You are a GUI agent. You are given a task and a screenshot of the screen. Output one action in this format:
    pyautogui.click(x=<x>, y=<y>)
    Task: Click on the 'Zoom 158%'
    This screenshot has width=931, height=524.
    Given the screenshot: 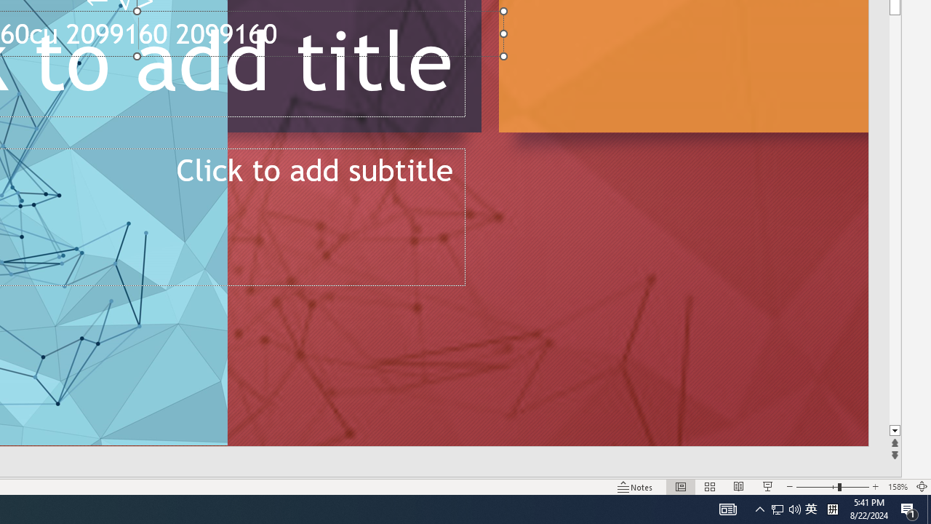 What is the action you would take?
    pyautogui.click(x=897, y=487)
    